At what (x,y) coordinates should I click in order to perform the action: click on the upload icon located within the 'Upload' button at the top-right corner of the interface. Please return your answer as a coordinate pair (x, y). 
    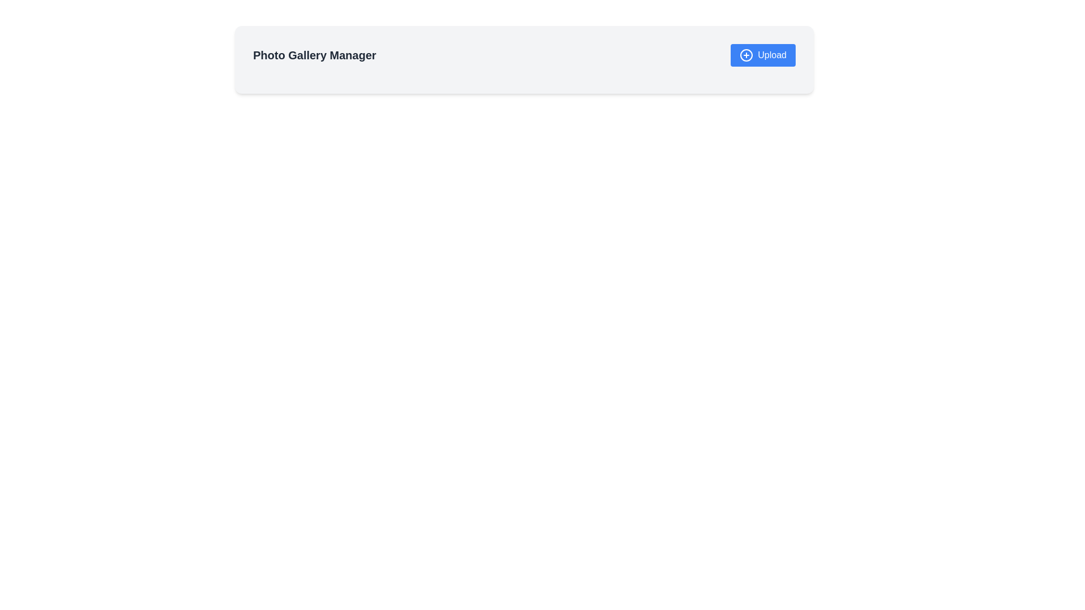
    Looking at the image, I should click on (747, 55).